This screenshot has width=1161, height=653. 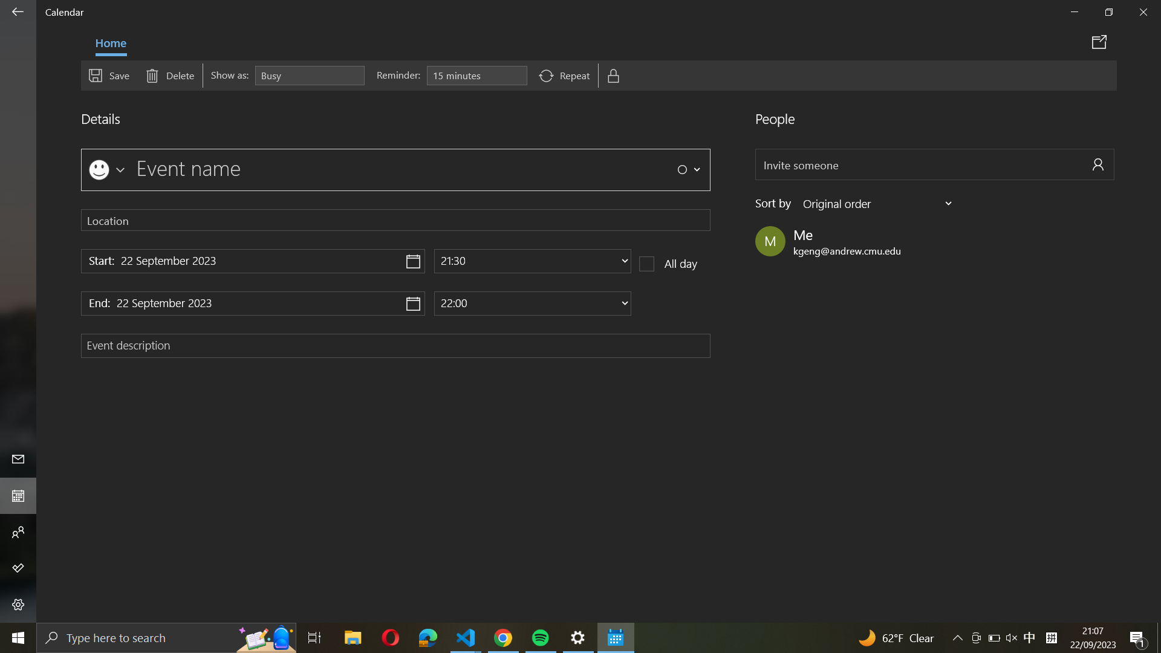 What do you see at coordinates (532, 302) in the screenshot?
I see `event end time to 10:00 PM` at bounding box center [532, 302].